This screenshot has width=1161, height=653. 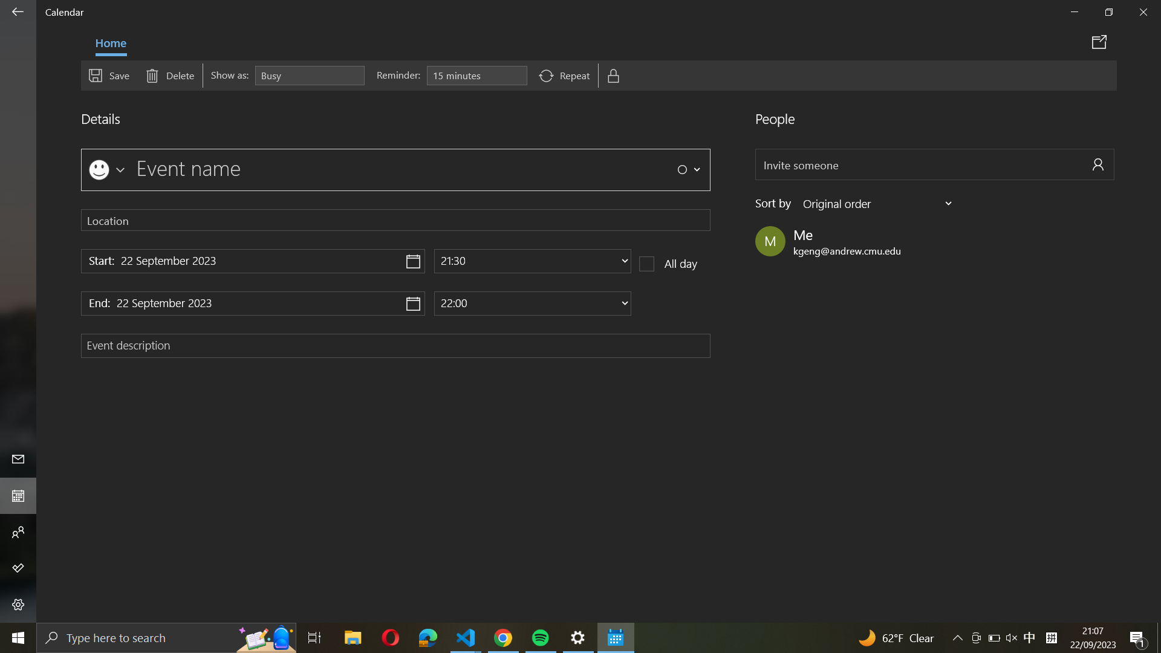 What do you see at coordinates (532, 302) in the screenshot?
I see `event end time to 10:00 PM` at bounding box center [532, 302].